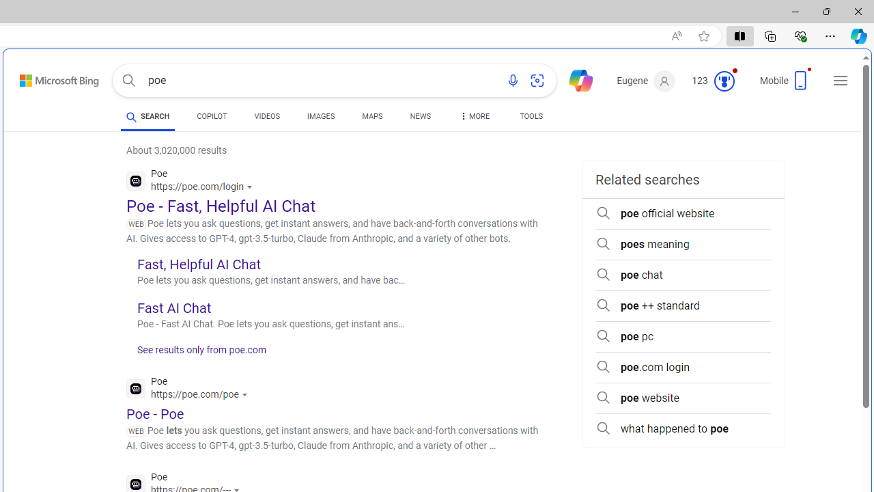  I want to click on 'poe.com login', so click(683, 367).